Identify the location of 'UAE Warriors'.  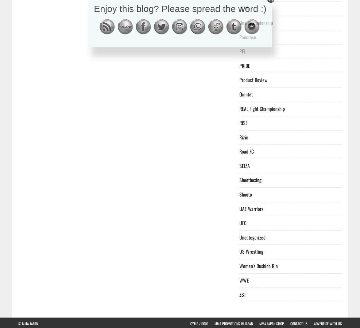
(239, 209).